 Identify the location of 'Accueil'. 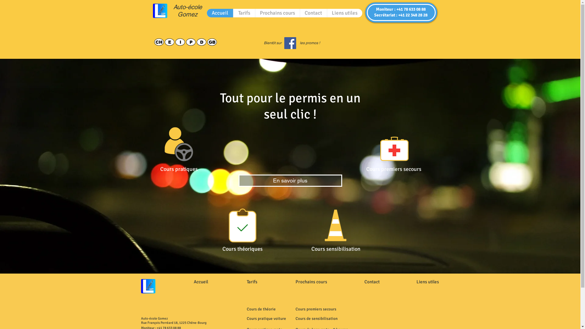
(219, 13).